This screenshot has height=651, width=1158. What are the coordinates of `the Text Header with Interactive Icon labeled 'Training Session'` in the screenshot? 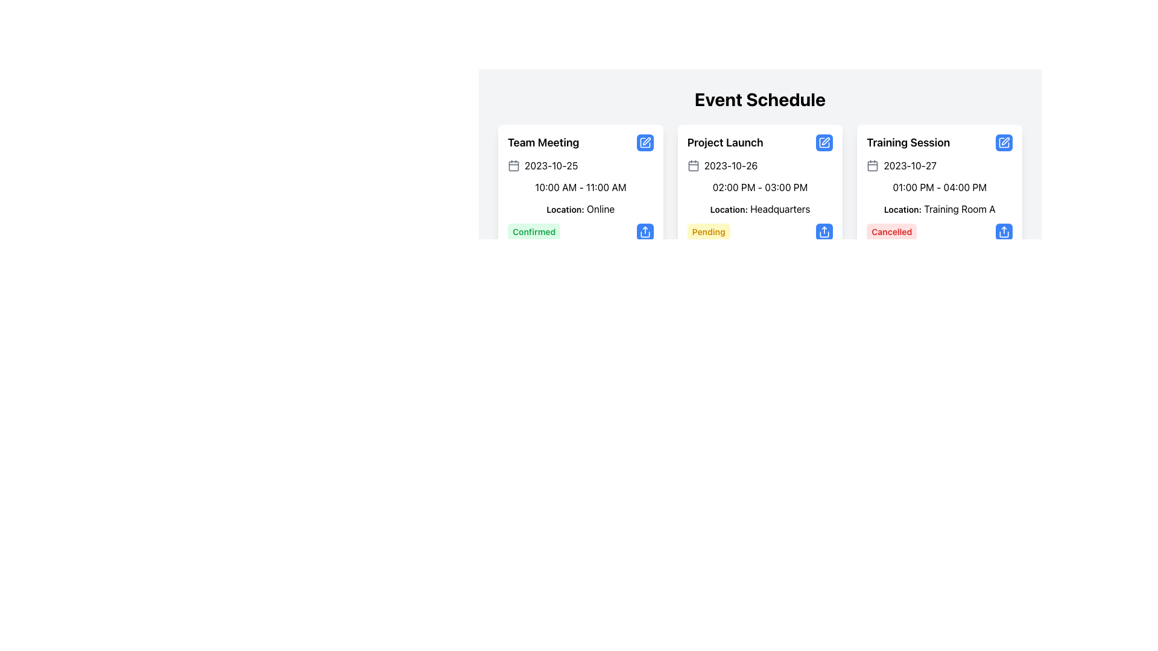 It's located at (939, 142).